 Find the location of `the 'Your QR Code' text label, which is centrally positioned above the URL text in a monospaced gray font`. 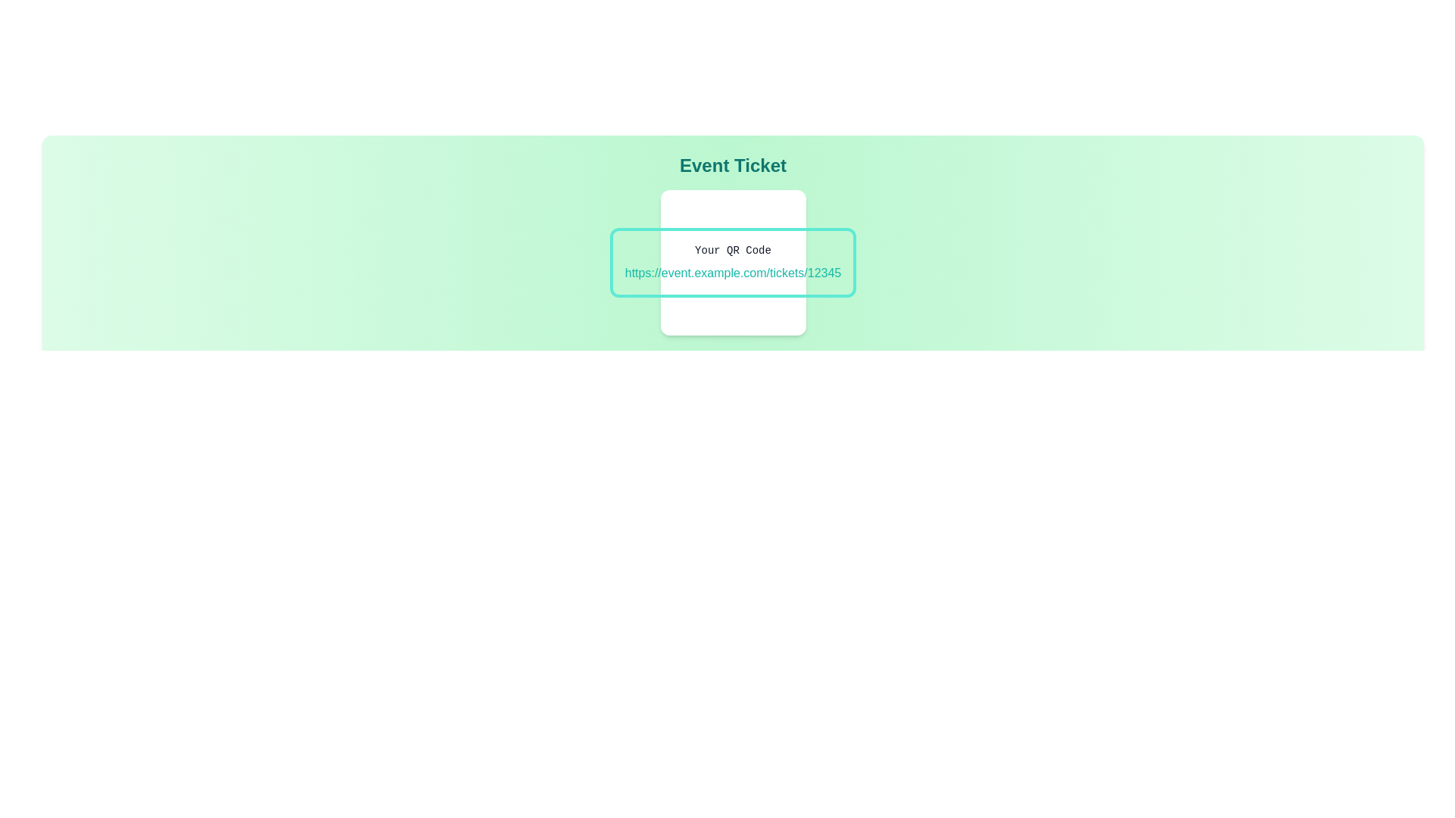

the 'Your QR Code' text label, which is centrally positioned above the URL text in a monospaced gray font is located at coordinates (733, 250).